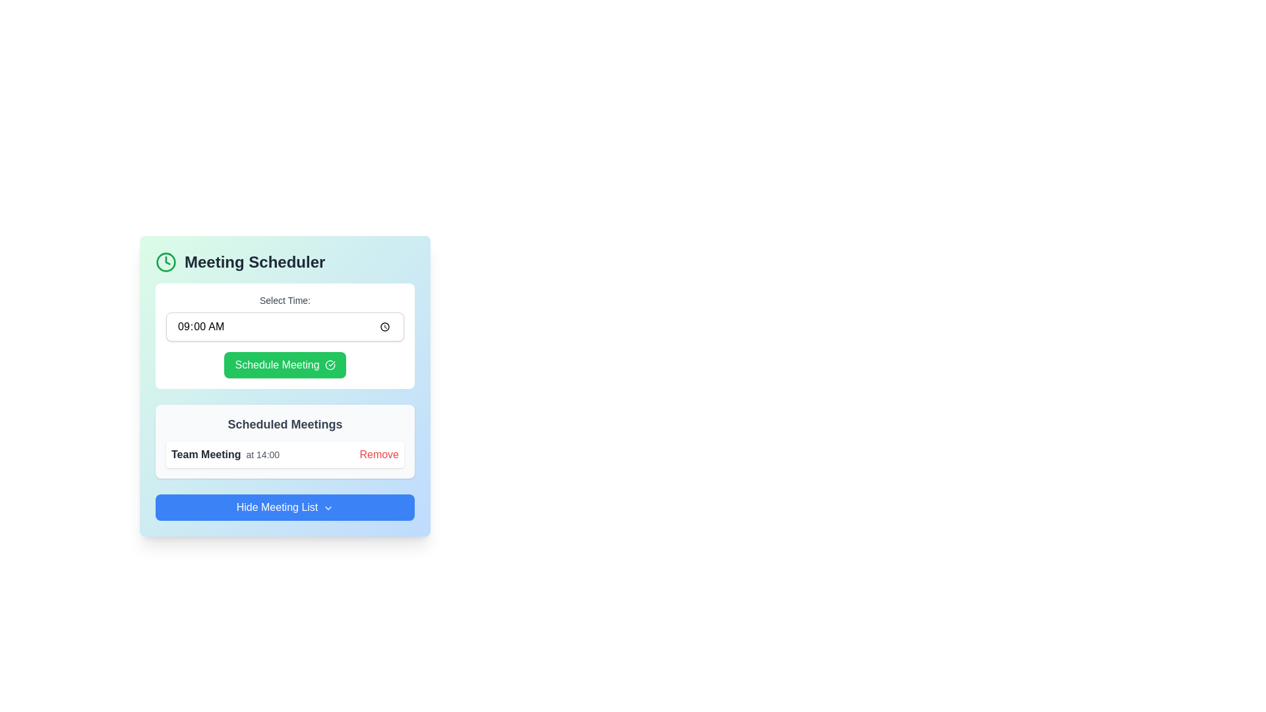 This screenshot has width=1266, height=712. What do you see at coordinates (166, 262) in the screenshot?
I see `the clock icon with a green outline located to the left of the 'Meeting Scheduler' text, which indicates a time-related function` at bounding box center [166, 262].